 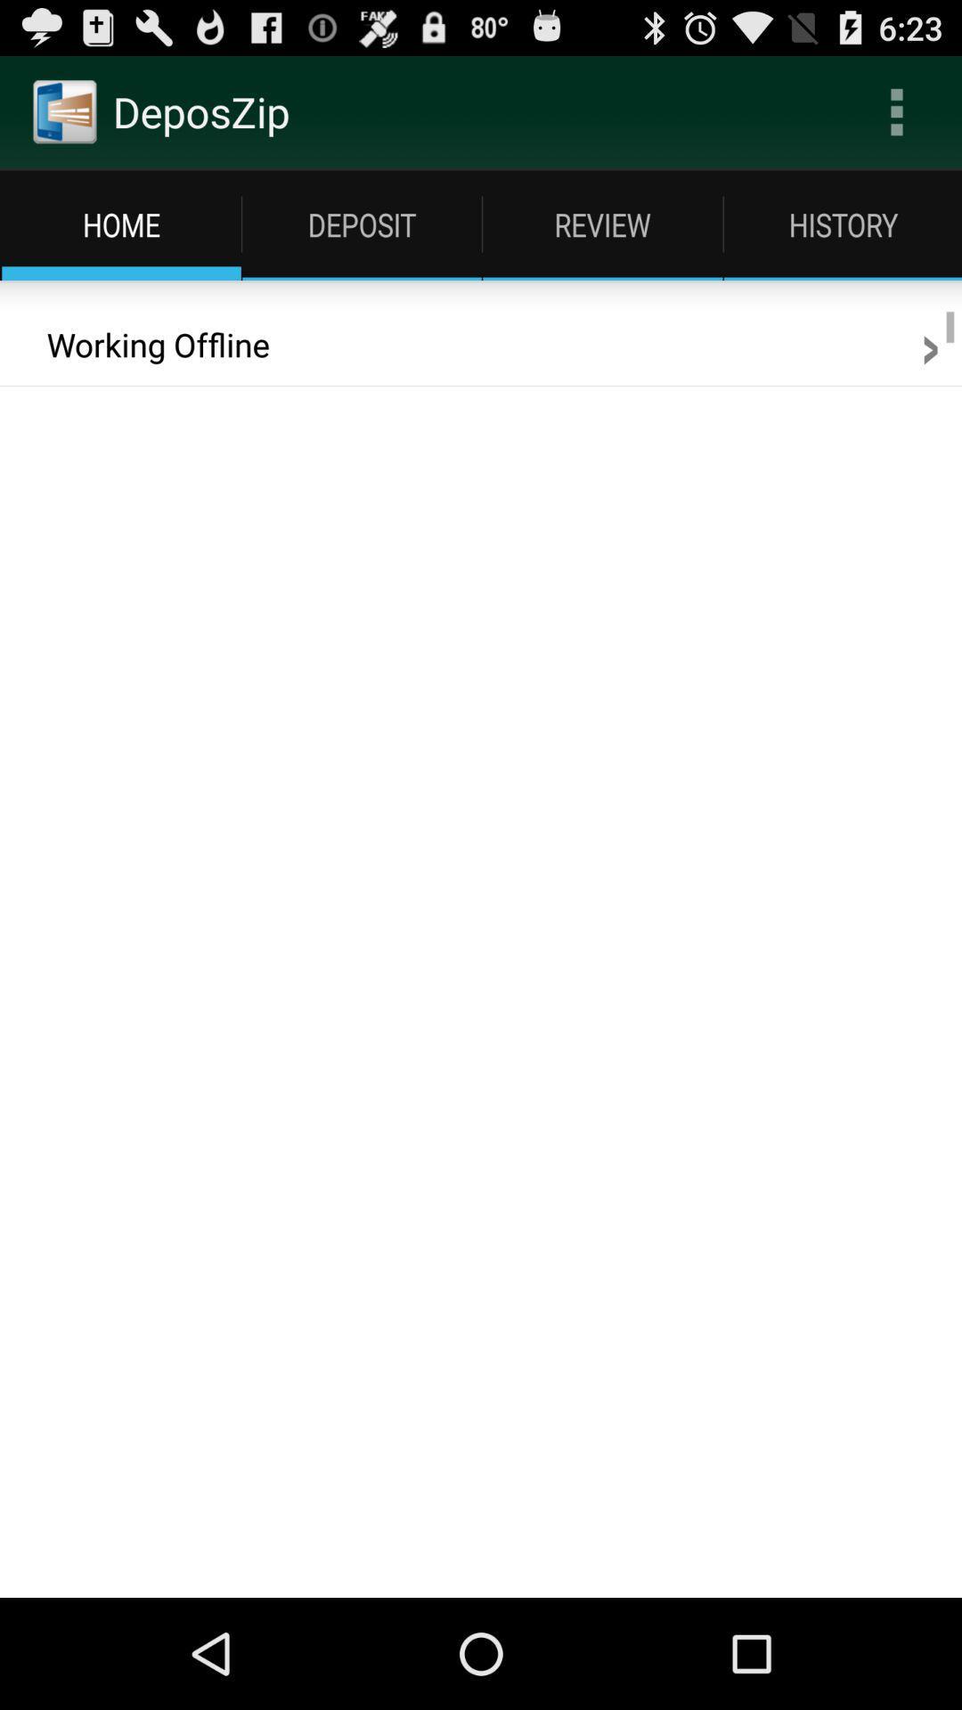 What do you see at coordinates (145, 345) in the screenshot?
I see `item next to the > app` at bounding box center [145, 345].